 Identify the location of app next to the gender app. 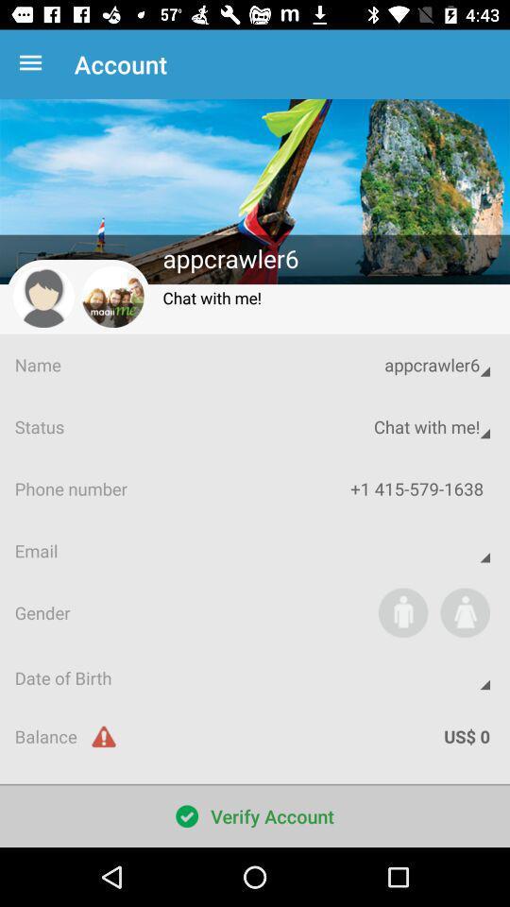
(402, 611).